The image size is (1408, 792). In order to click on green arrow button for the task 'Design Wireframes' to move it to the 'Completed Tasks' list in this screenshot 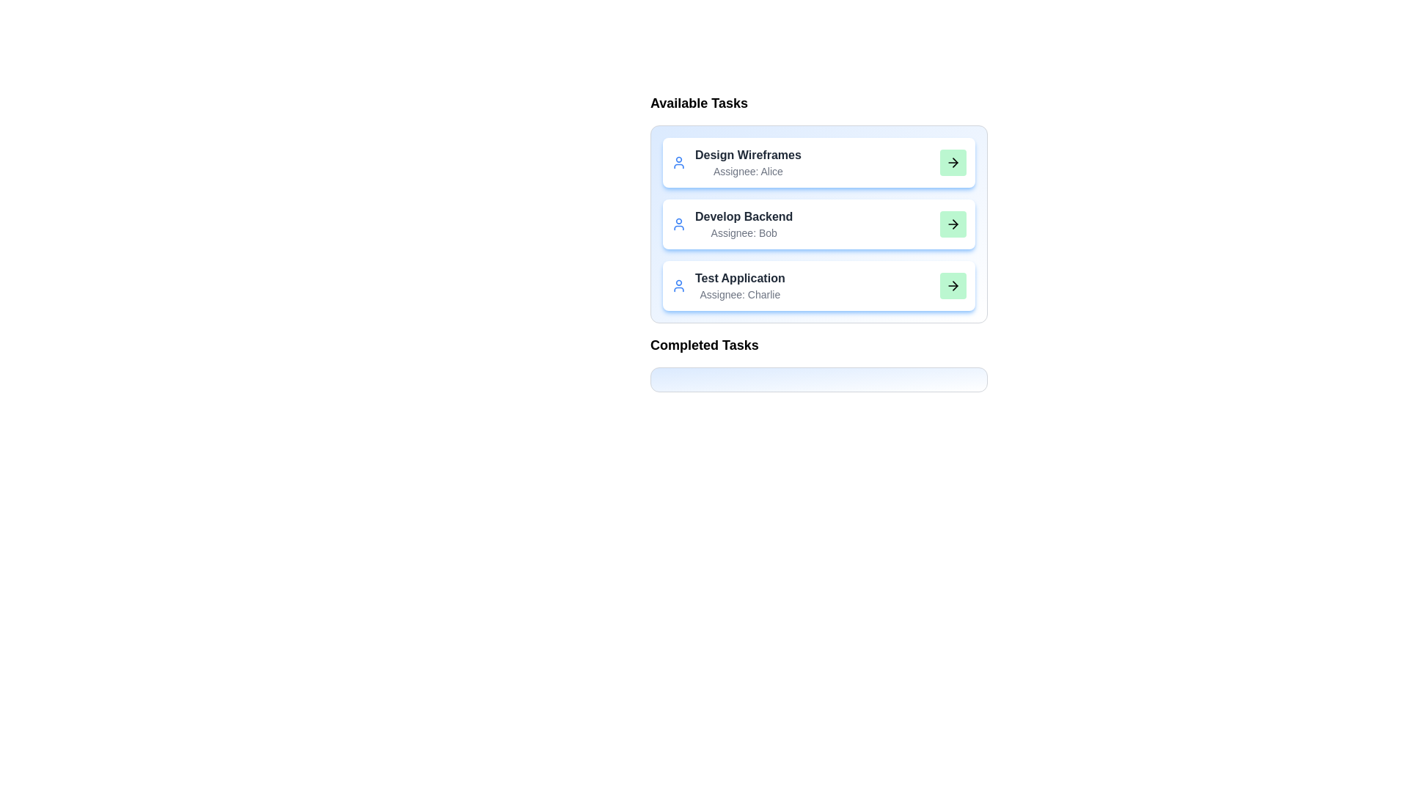, I will do `click(953, 163)`.